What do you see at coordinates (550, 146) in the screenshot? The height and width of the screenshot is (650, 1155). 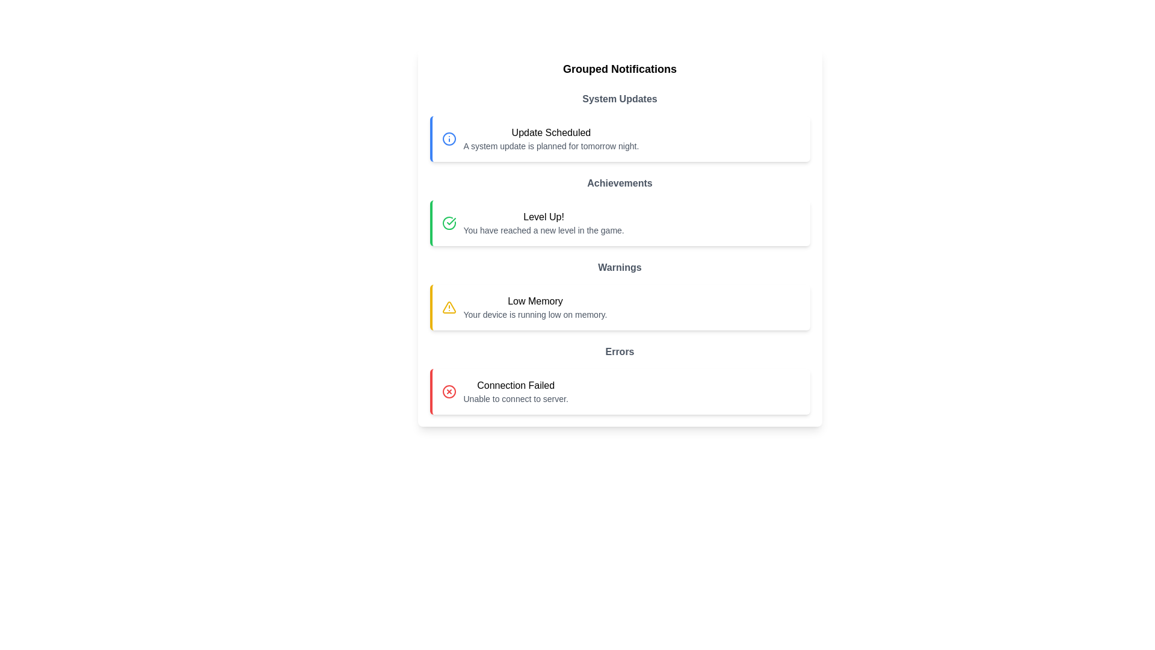 I see `text content of the Text label located below the 'Update Scheduled' notification title in the 'System Updates' group` at bounding box center [550, 146].